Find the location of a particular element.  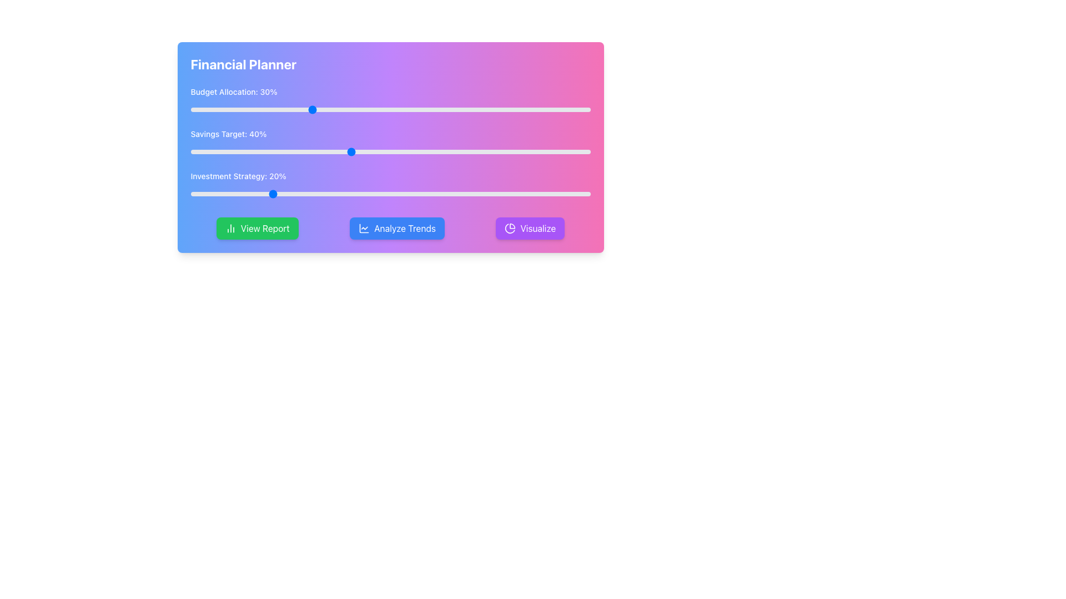

the slider value is located at coordinates (438, 109).